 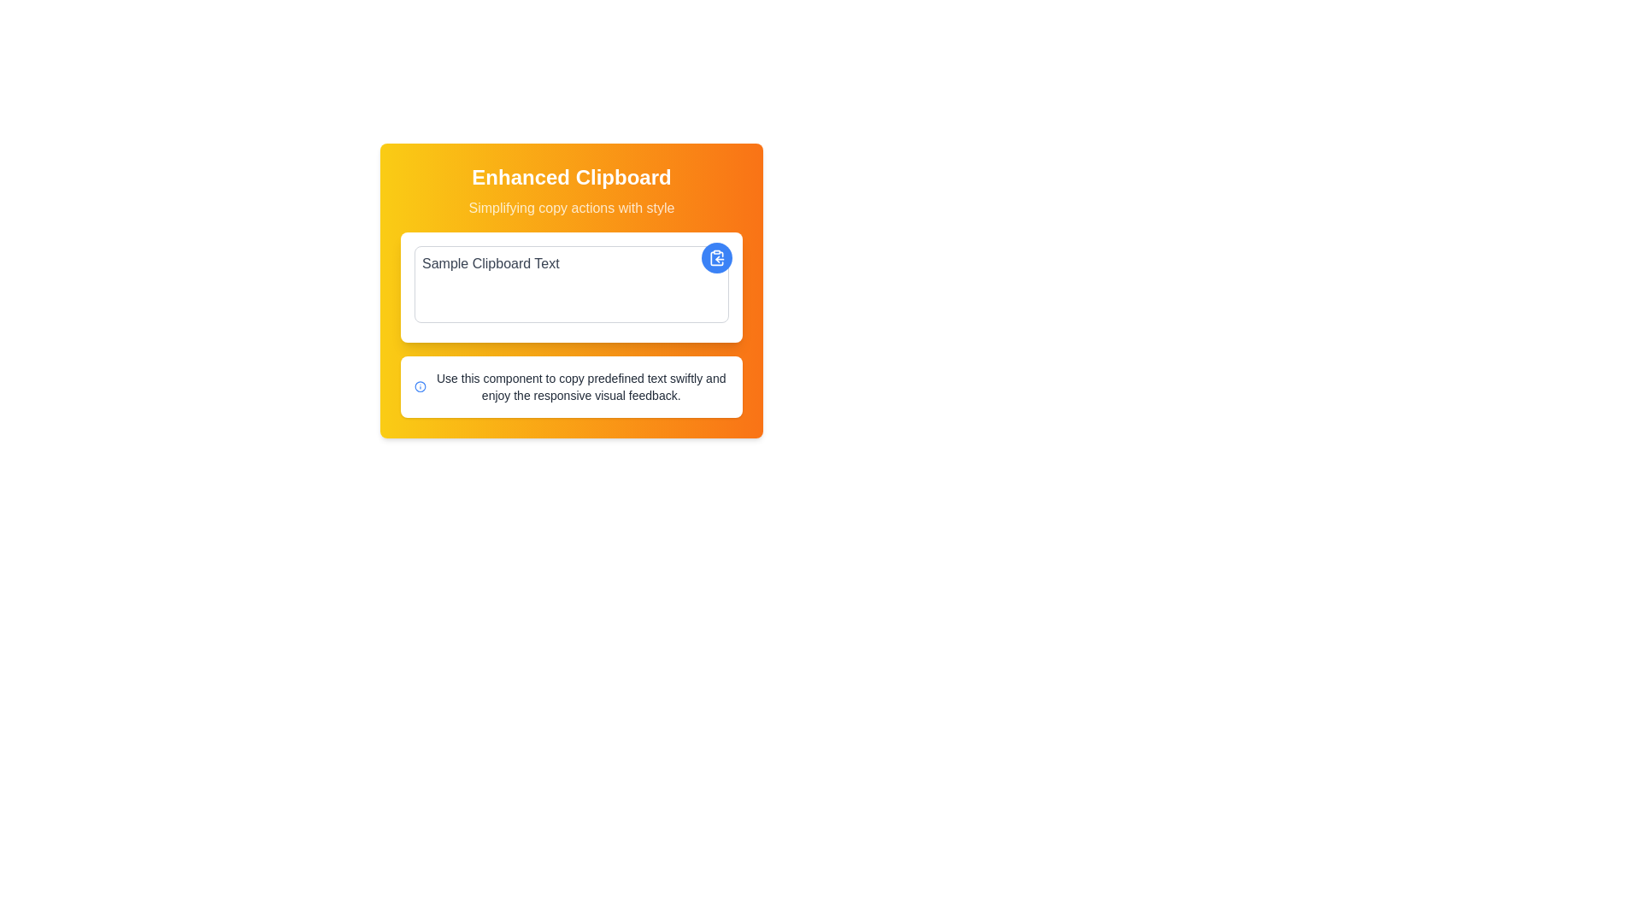 I want to click on the Text Label element displaying 'Simplifying copy actions with style', which is located beneath the header 'Enhanced Clipboard' and has a semi-transparent orange background, so click(x=571, y=207).